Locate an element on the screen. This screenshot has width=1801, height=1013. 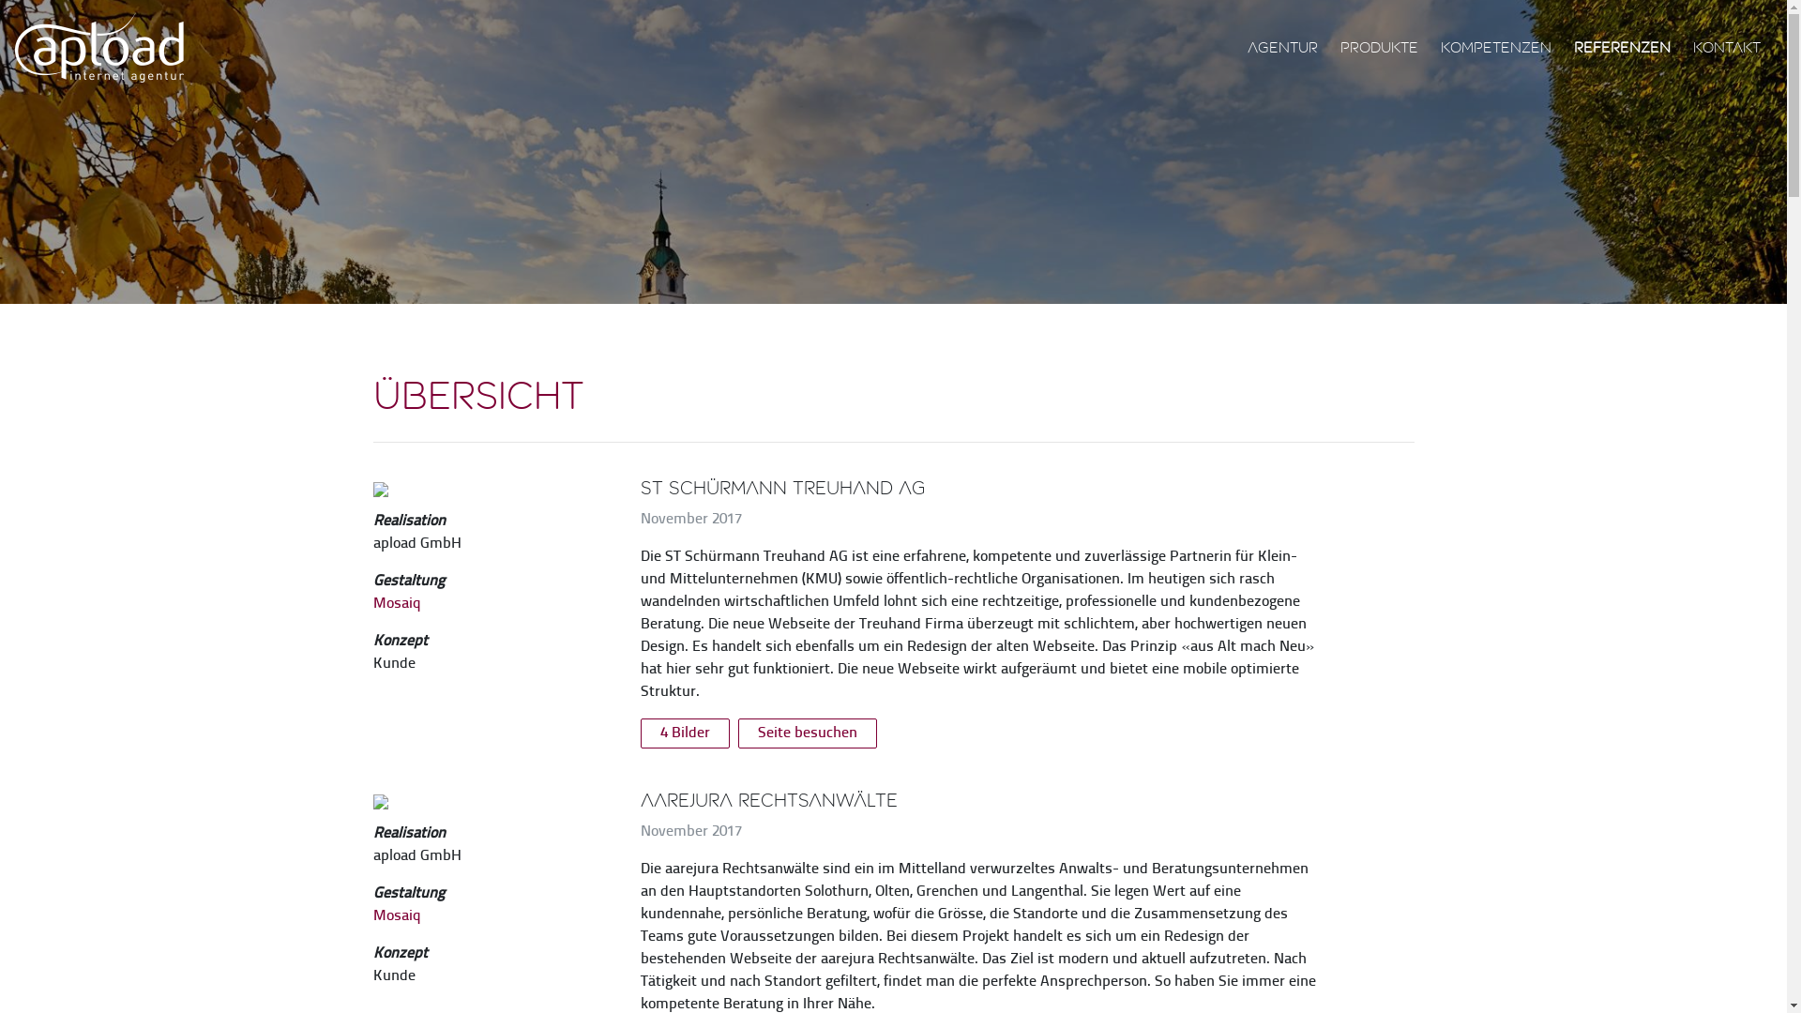
'Referenzen' is located at coordinates (1621, 47).